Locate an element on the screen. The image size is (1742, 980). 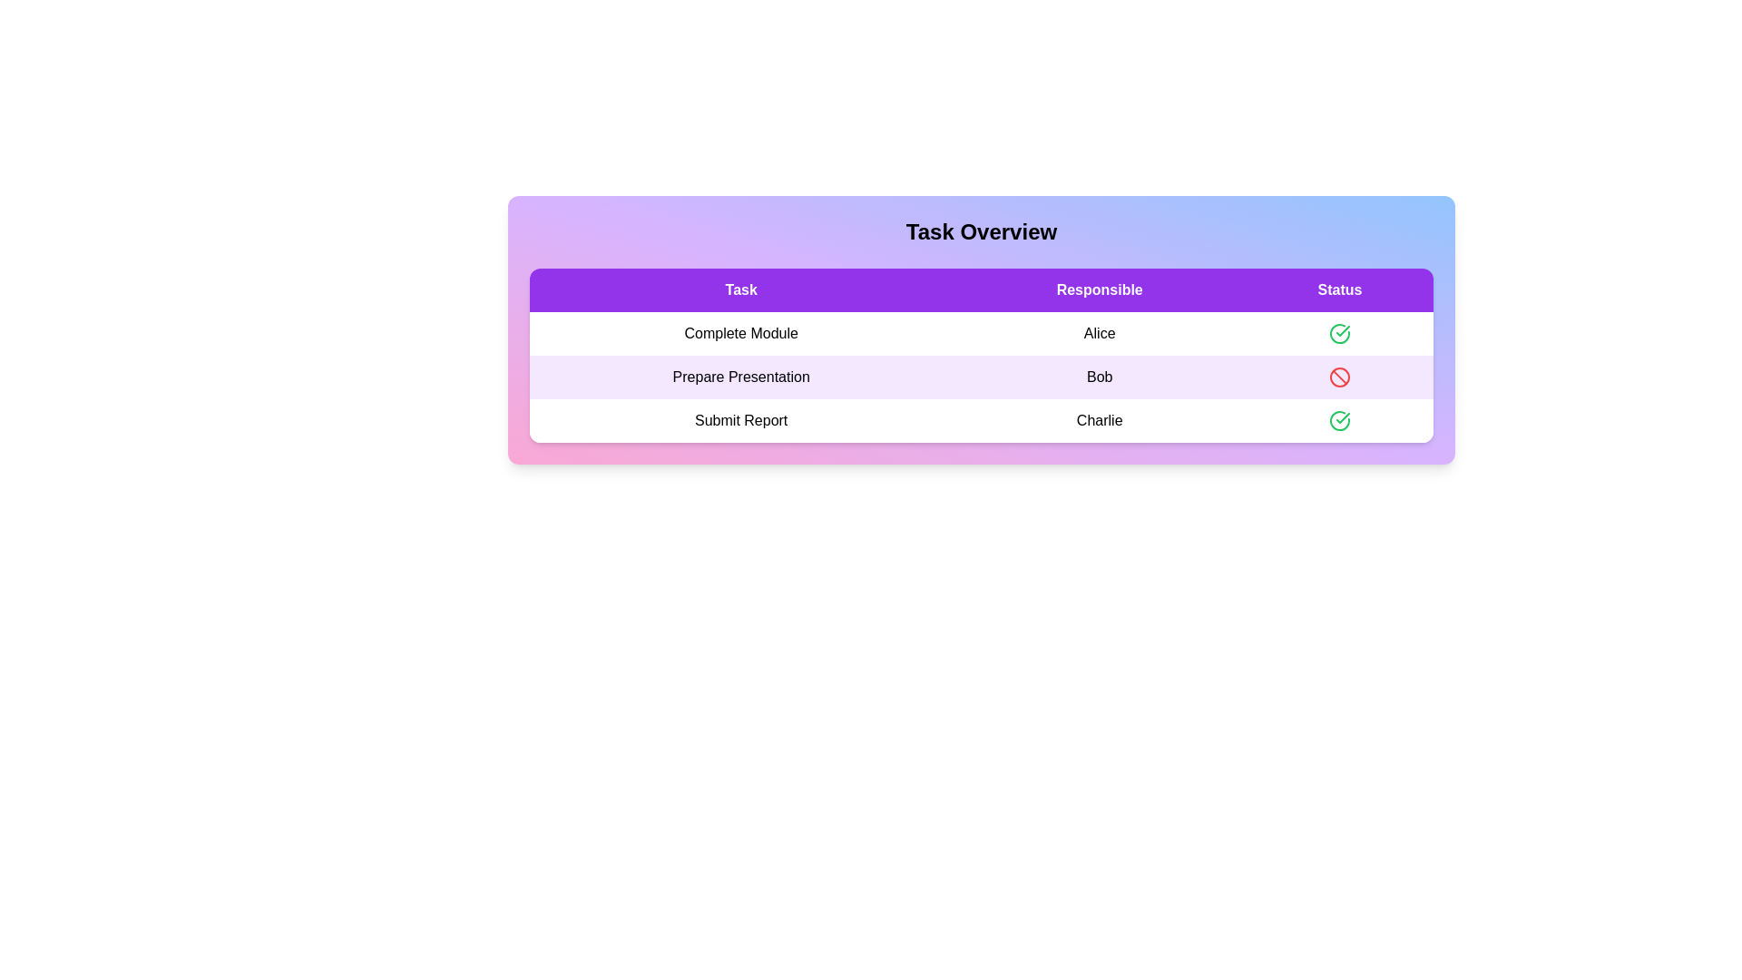
the red circular badge with a crossed line in the 'Status' column of the 'Prepare Presentation' row is located at coordinates (1340, 377).